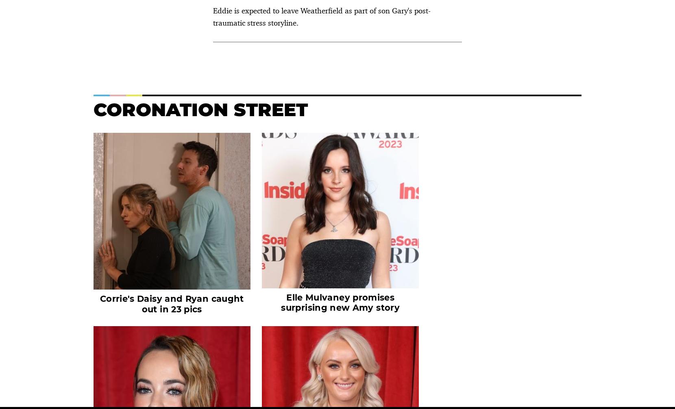 The height and width of the screenshot is (409, 675). What do you see at coordinates (337, 214) in the screenshot?
I see `'WWE'` at bounding box center [337, 214].